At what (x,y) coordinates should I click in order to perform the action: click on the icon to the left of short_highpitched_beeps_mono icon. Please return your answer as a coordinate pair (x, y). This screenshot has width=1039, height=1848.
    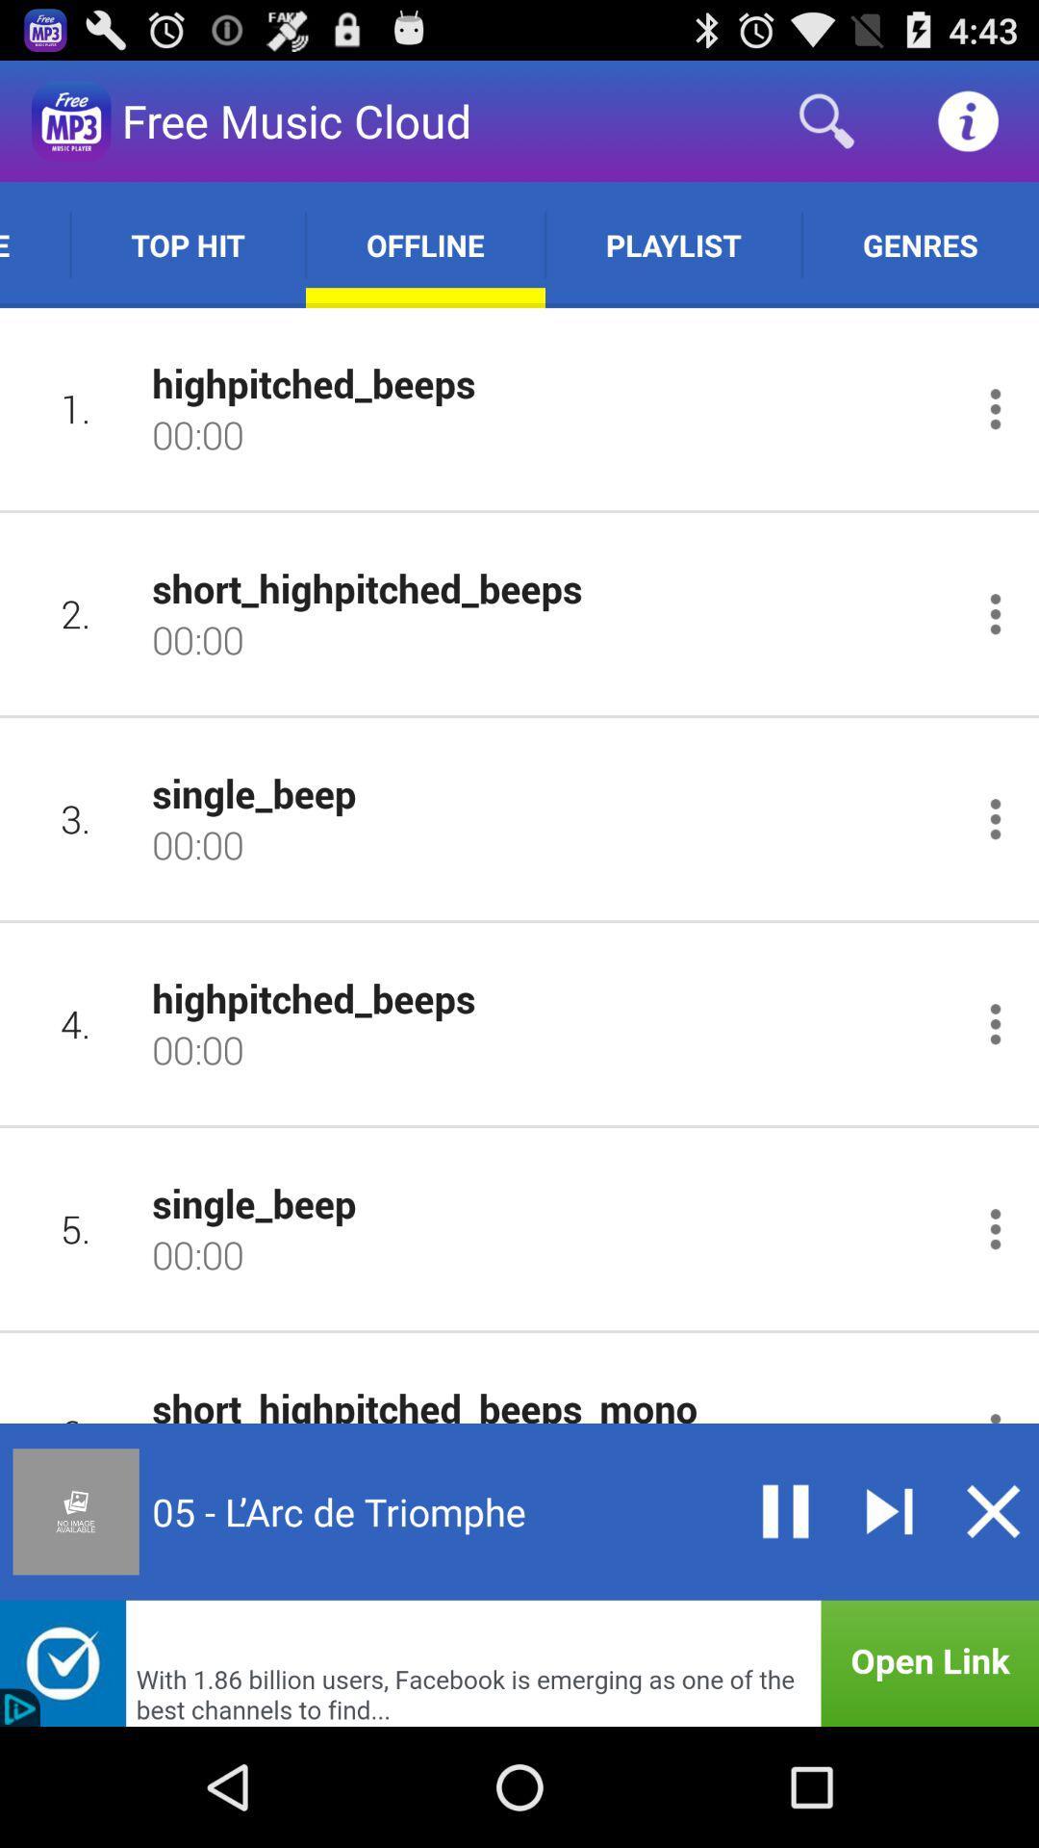
    Looking at the image, I should click on (75, 1397).